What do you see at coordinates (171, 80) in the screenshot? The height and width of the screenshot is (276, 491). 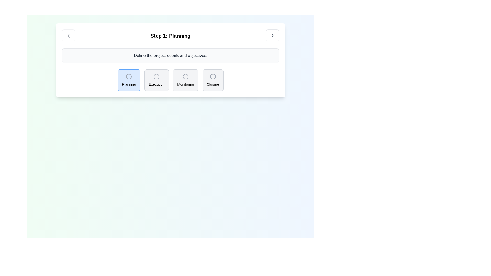 I see `the 'Execution' button in the button group` at bounding box center [171, 80].